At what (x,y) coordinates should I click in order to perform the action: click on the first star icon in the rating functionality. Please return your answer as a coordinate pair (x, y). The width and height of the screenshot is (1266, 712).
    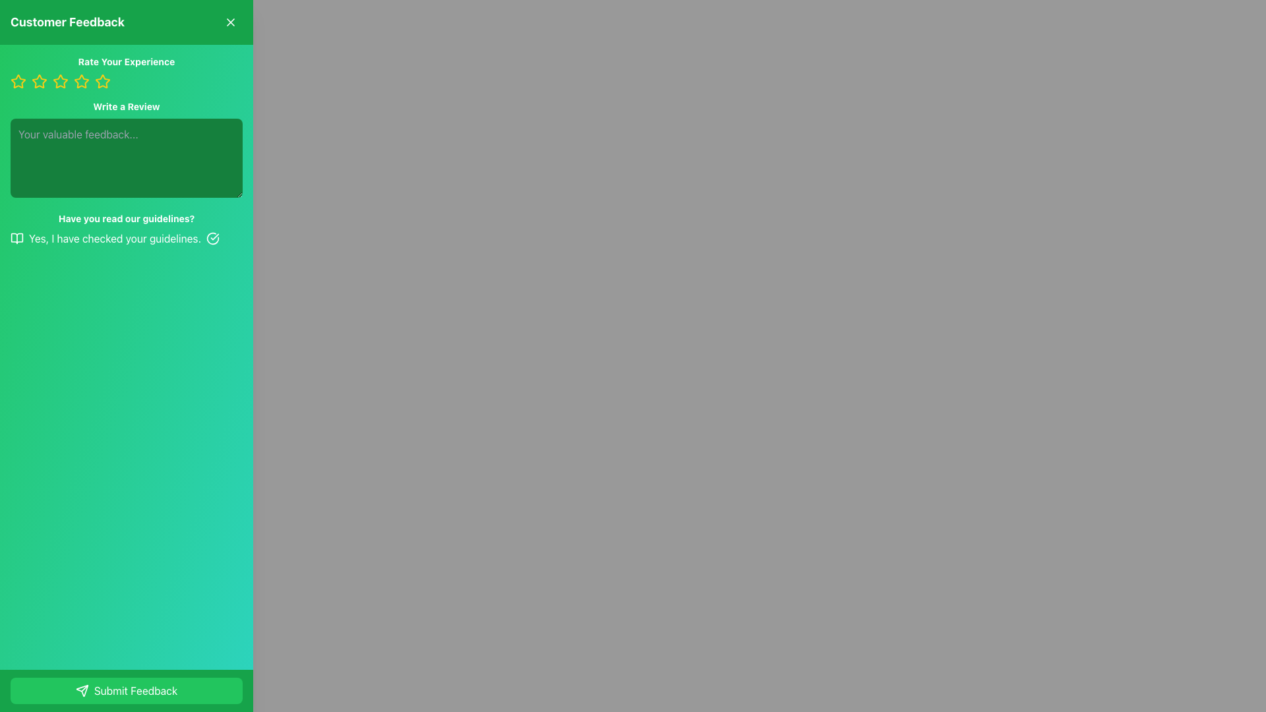
    Looking at the image, I should click on (18, 81).